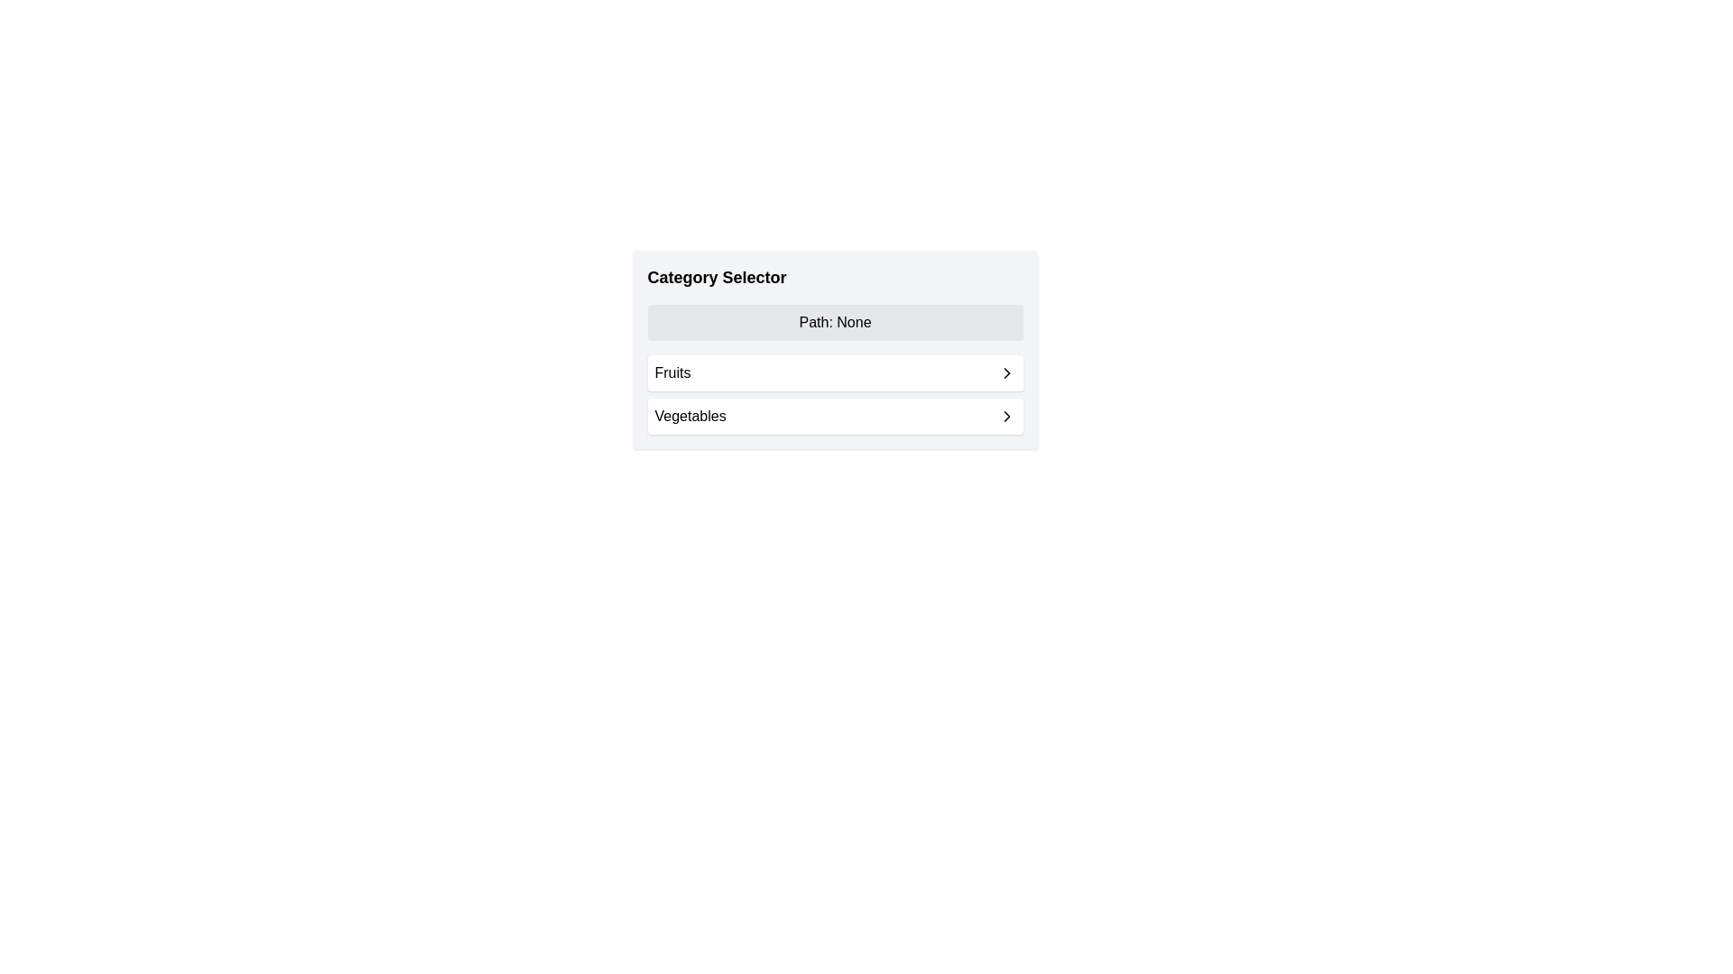 The height and width of the screenshot is (974, 1733). What do you see at coordinates (1006, 417) in the screenshot?
I see `the Interactive navigation icon (chevron right) located at the far right of the 'Vegetables' button` at bounding box center [1006, 417].